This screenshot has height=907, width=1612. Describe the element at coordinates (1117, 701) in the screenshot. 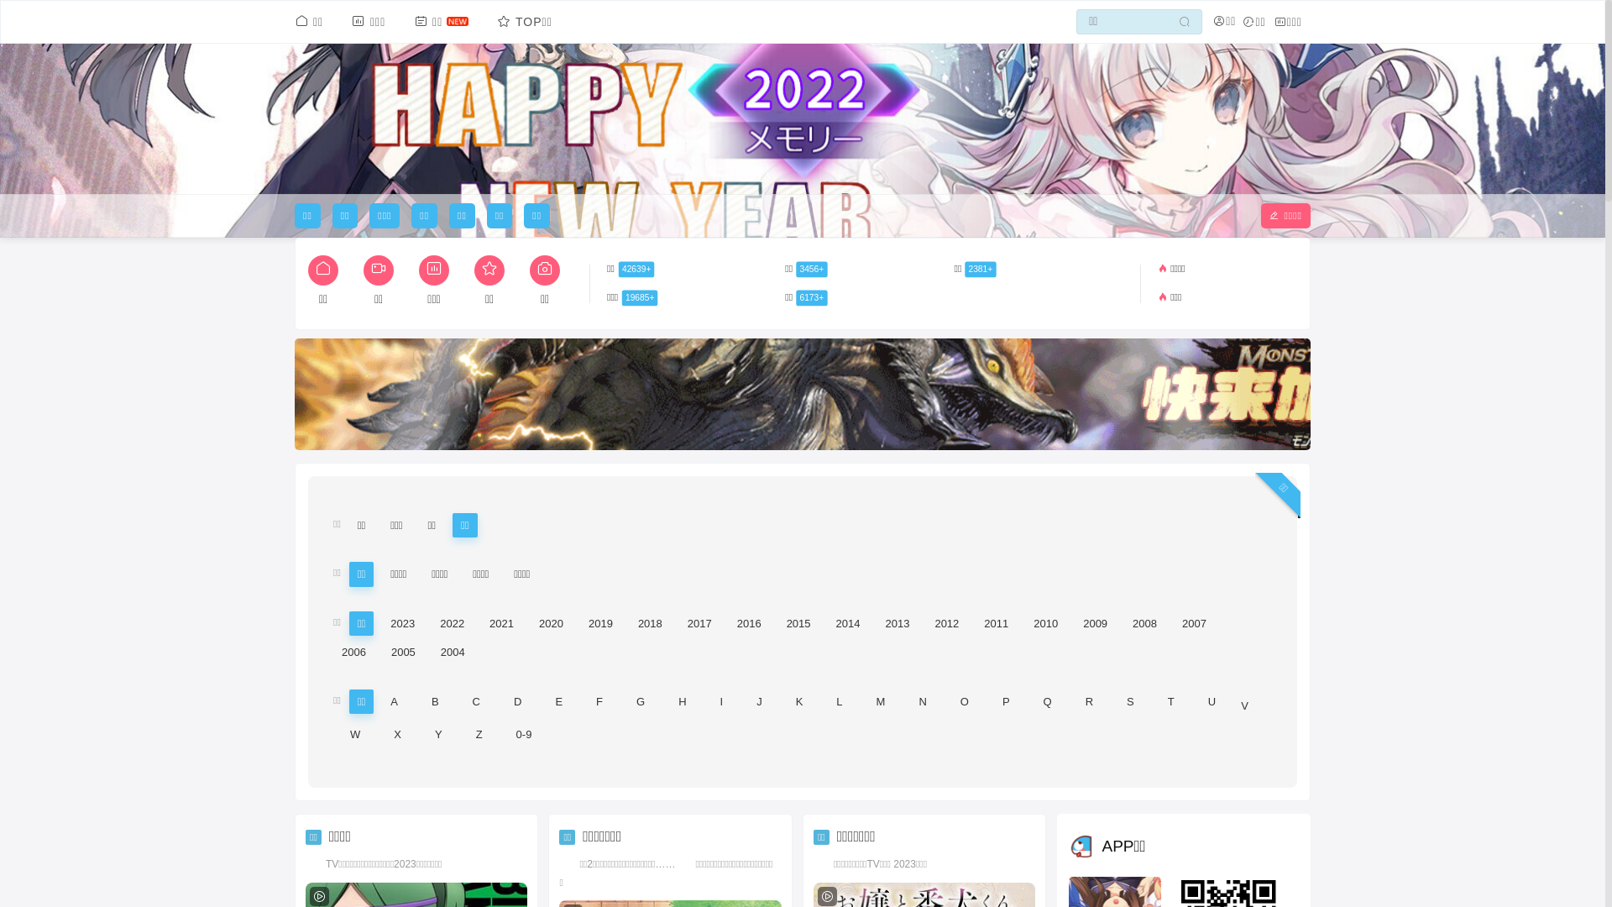

I see `'S'` at that location.